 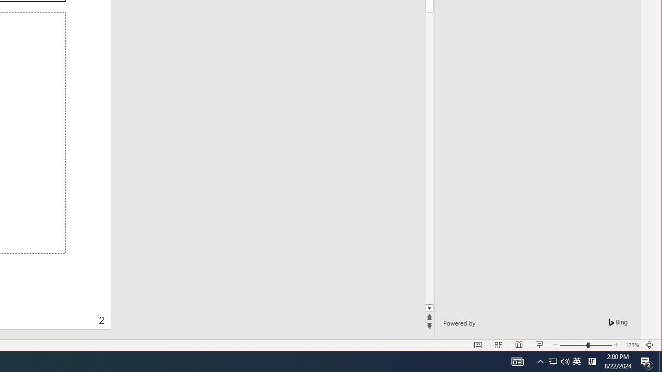 What do you see at coordinates (631, 345) in the screenshot?
I see `'Zoom 123%'` at bounding box center [631, 345].